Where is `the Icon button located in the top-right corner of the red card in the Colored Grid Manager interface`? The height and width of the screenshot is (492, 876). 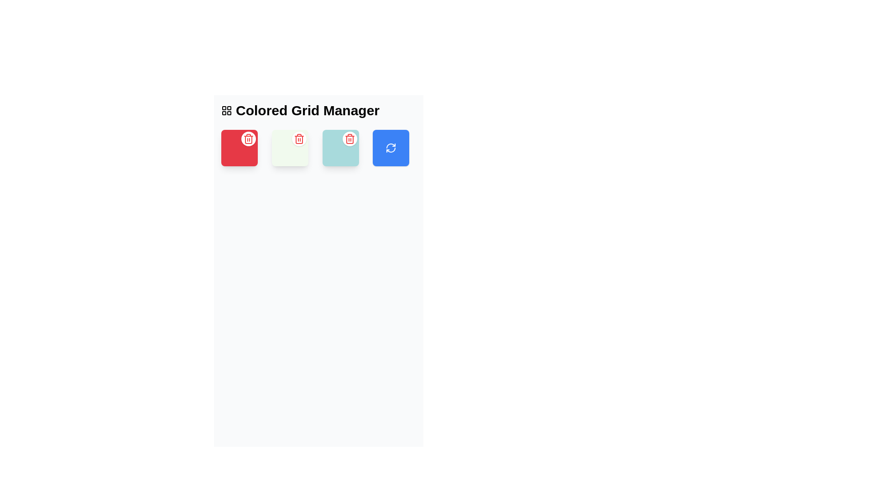 the Icon button located in the top-right corner of the red card in the Colored Grid Manager interface is located at coordinates (249, 138).